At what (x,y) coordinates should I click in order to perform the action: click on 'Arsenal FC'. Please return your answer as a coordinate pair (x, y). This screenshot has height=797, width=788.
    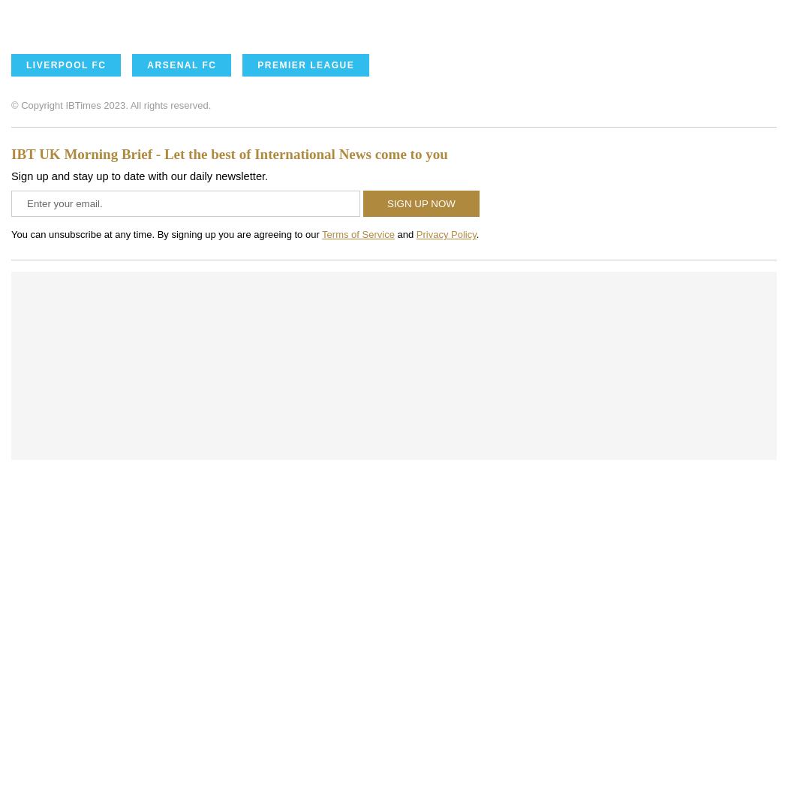
    Looking at the image, I should click on (182, 65).